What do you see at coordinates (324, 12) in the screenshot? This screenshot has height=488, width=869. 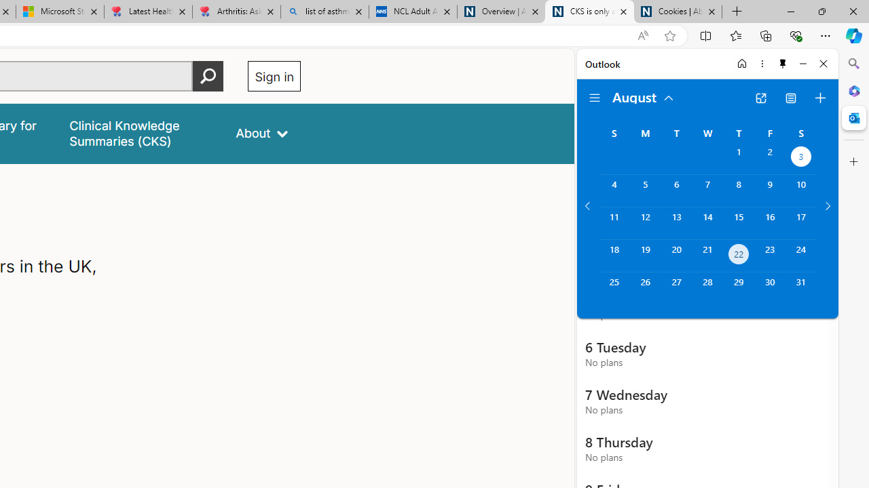 I see `'list of asthma inhalers uk - Search'` at bounding box center [324, 12].